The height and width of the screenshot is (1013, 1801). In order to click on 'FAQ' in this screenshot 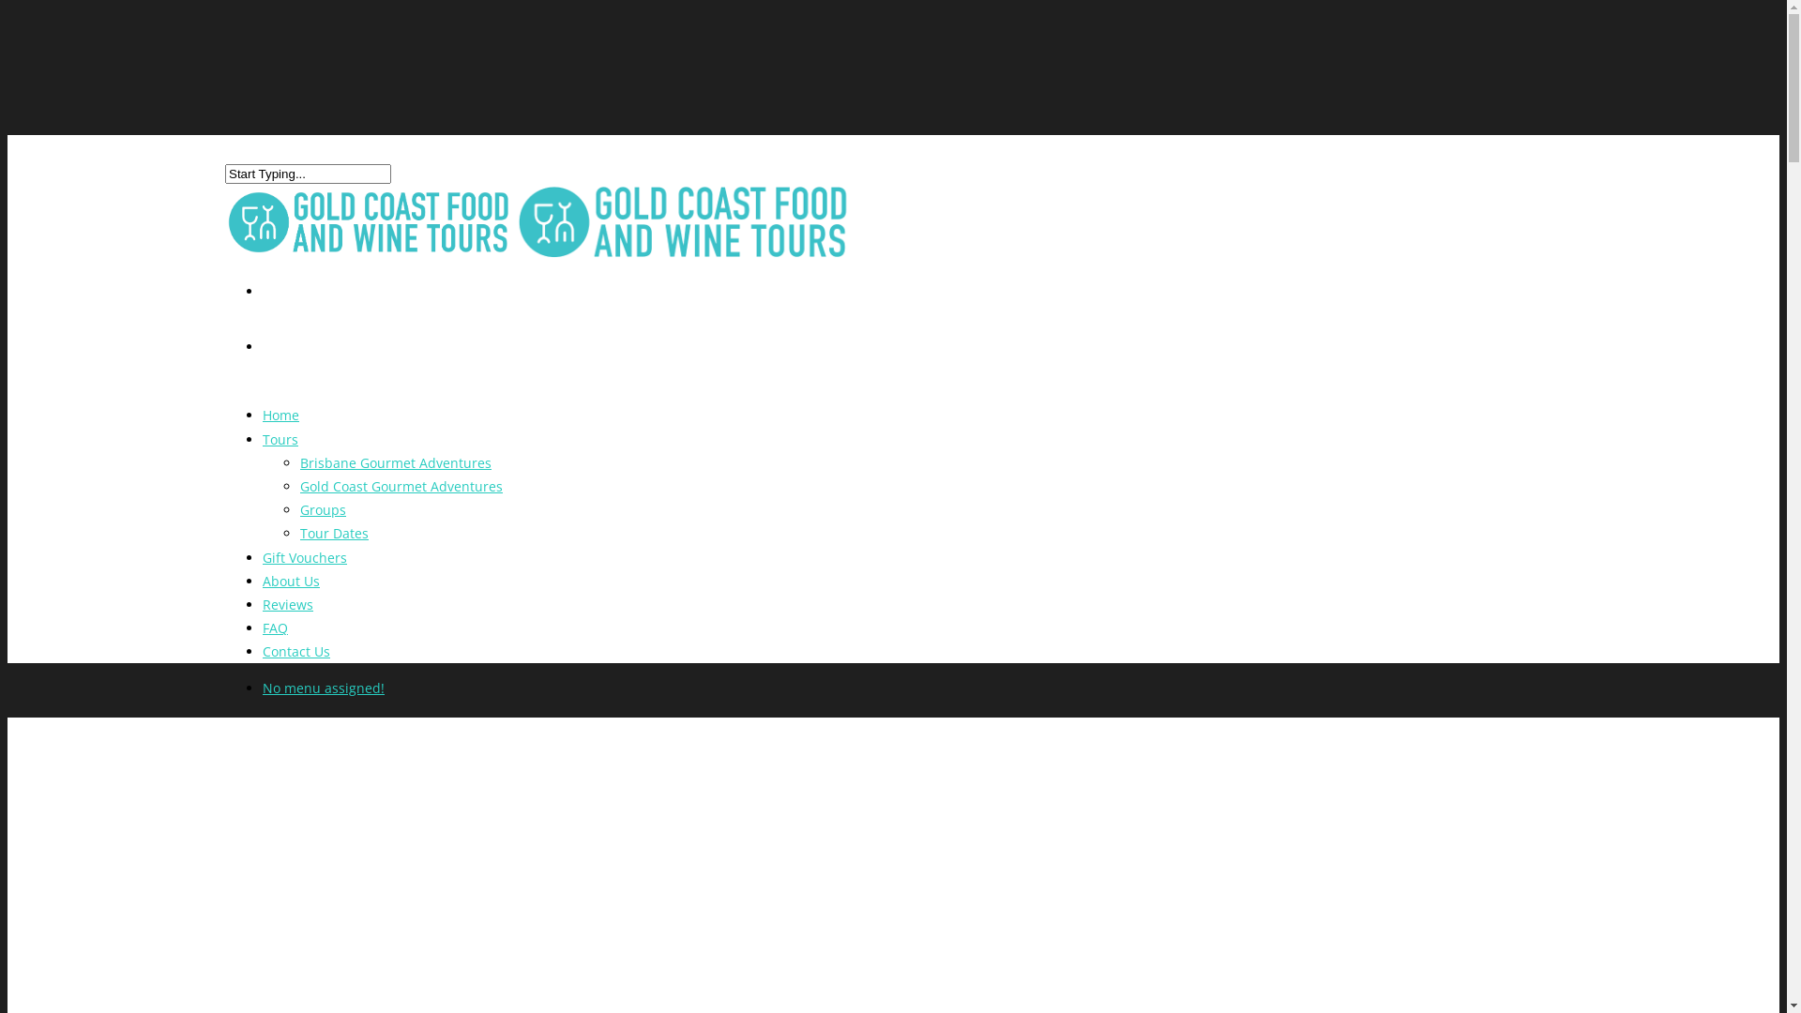, I will do `click(261, 640)`.